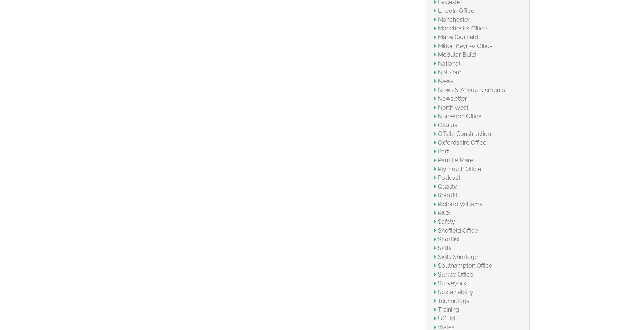 Image resolution: width=620 pixels, height=330 pixels. What do you see at coordinates (457, 256) in the screenshot?
I see `'Skills Shortage'` at bounding box center [457, 256].